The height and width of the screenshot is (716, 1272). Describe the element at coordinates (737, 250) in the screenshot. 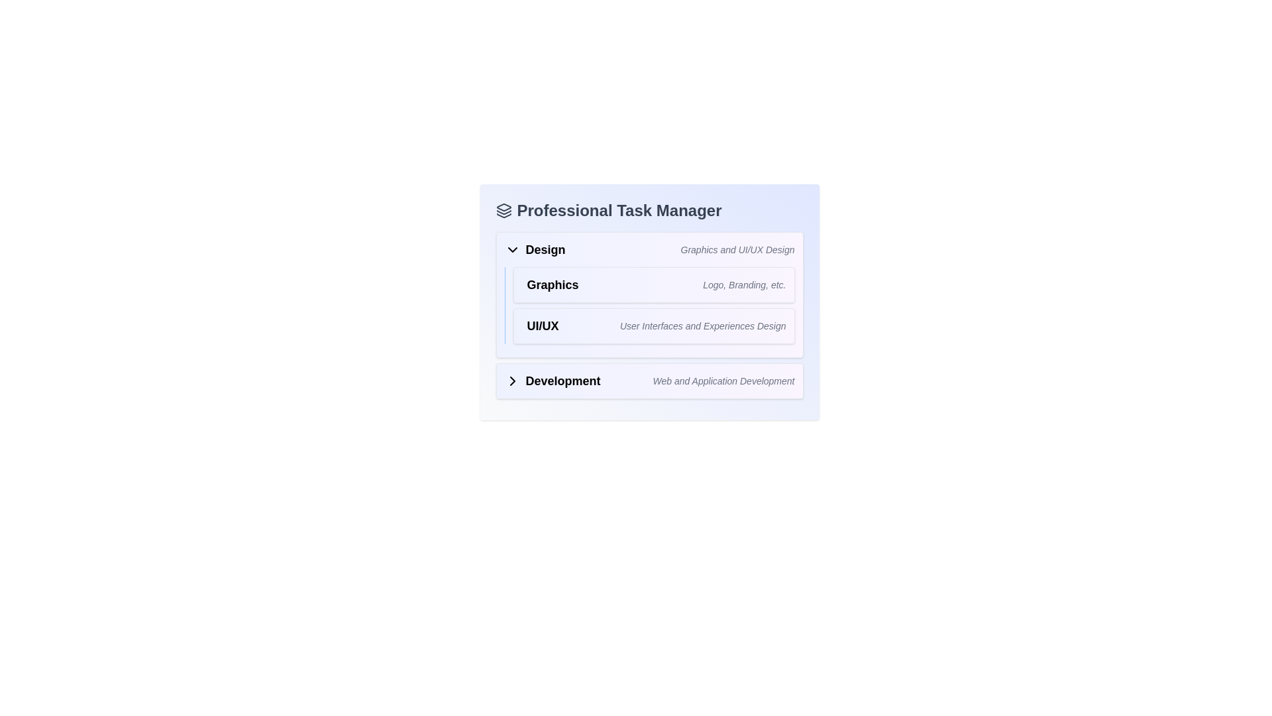

I see `the static text snippet that reads 'Graphics and UI/UX Design', styled in gray italic font, positioned to the far right within the horizontal group containing the label 'Design'` at that location.